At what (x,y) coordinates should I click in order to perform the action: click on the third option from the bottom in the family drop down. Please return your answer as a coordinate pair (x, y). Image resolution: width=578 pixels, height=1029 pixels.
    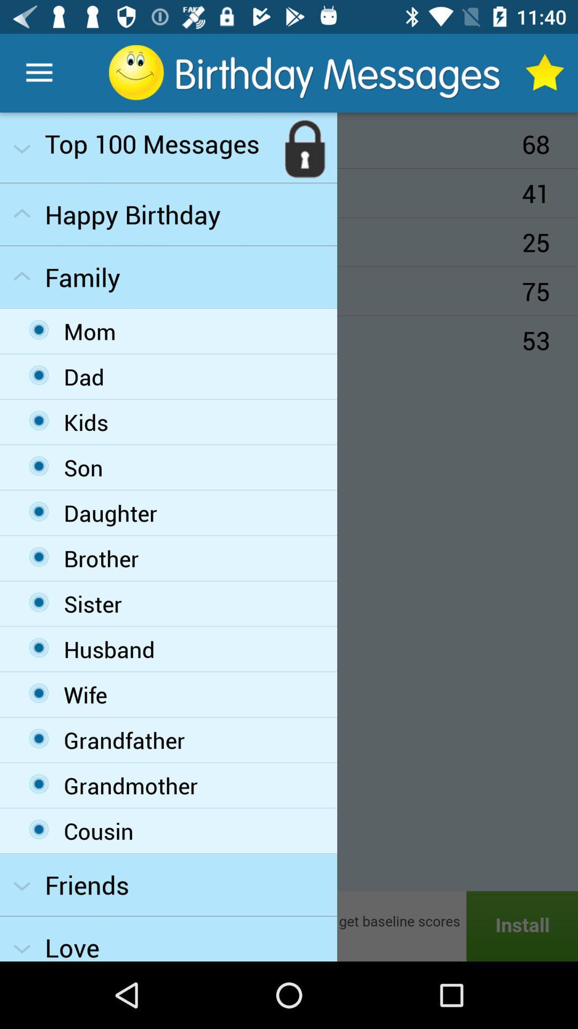
    Looking at the image, I should click on (39, 738).